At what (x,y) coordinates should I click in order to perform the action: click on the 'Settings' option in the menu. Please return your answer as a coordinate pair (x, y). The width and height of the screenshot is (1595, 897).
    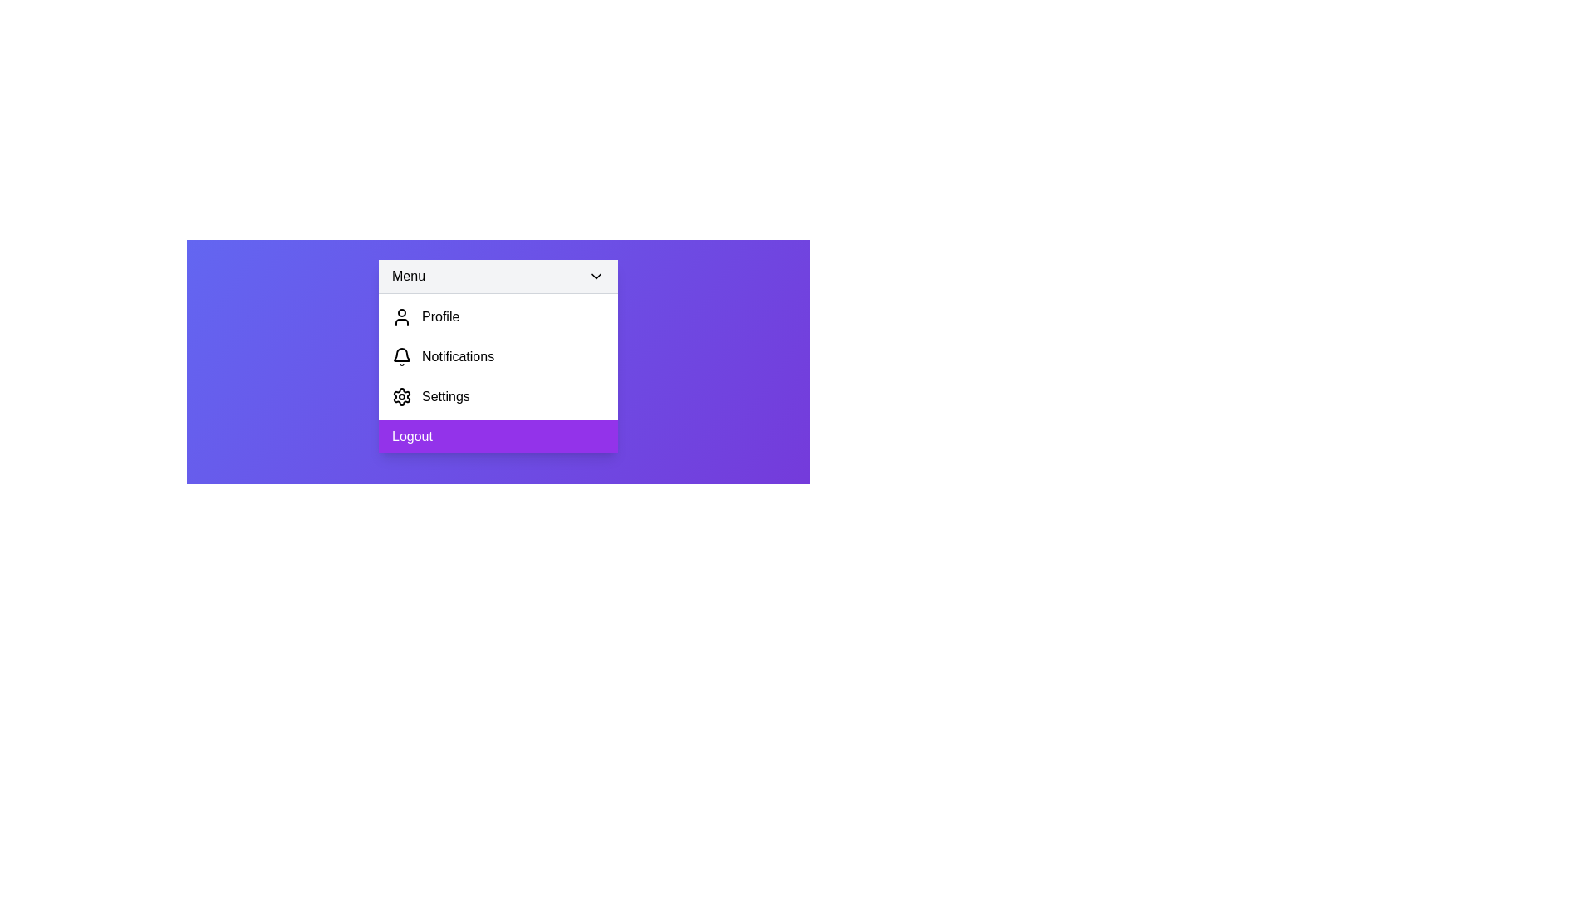
    Looking at the image, I should click on (498, 397).